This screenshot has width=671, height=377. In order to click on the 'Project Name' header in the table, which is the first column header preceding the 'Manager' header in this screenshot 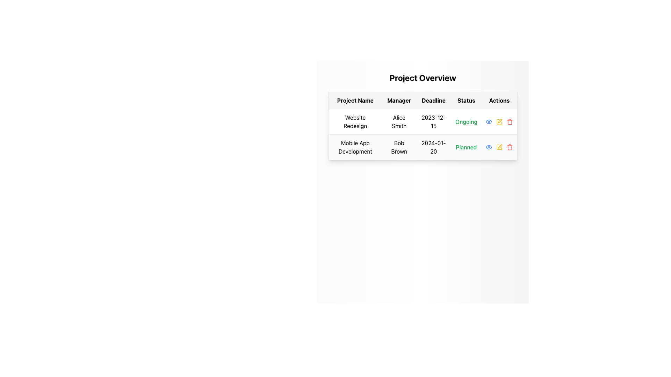, I will do `click(355, 101)`.